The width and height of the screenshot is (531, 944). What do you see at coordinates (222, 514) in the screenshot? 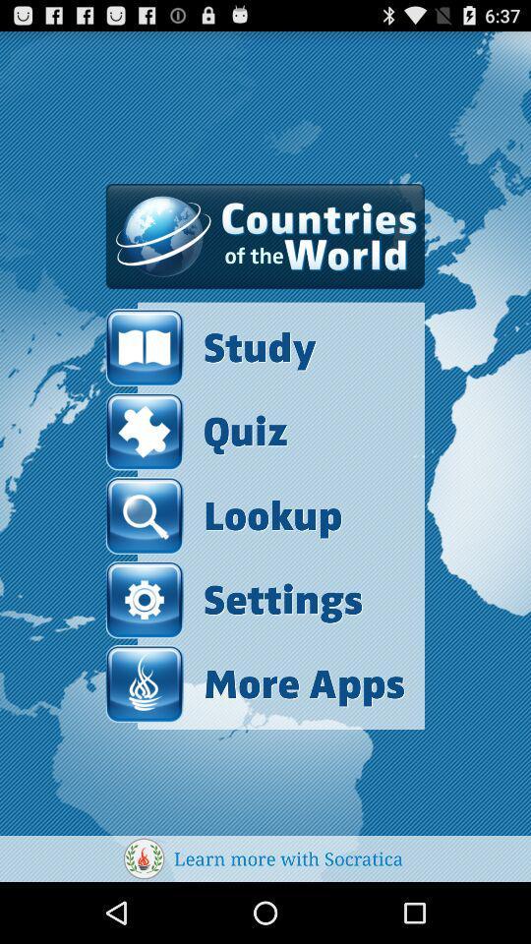
I see `the item above the settings item` at bounding box center [222, 514].